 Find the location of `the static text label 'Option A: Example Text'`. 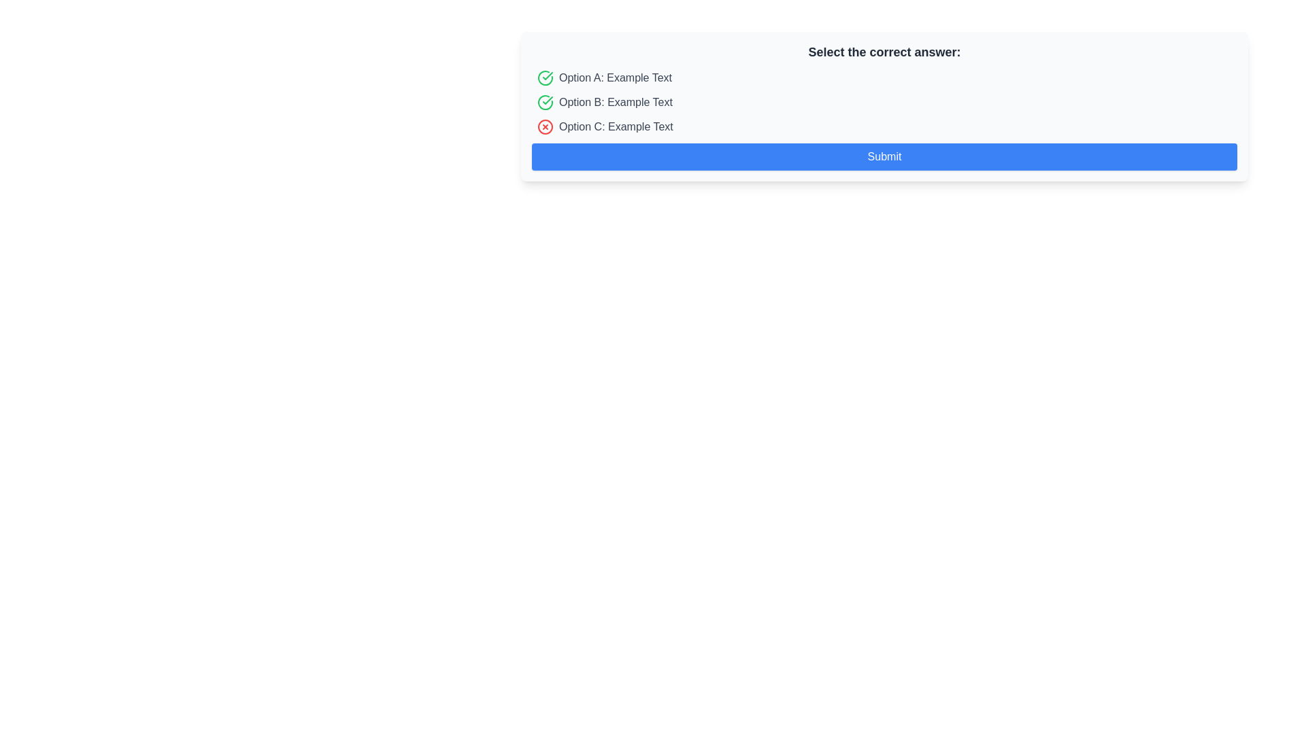

the static text label 'Option A: Example Text' is located at coordinates (615, 78).